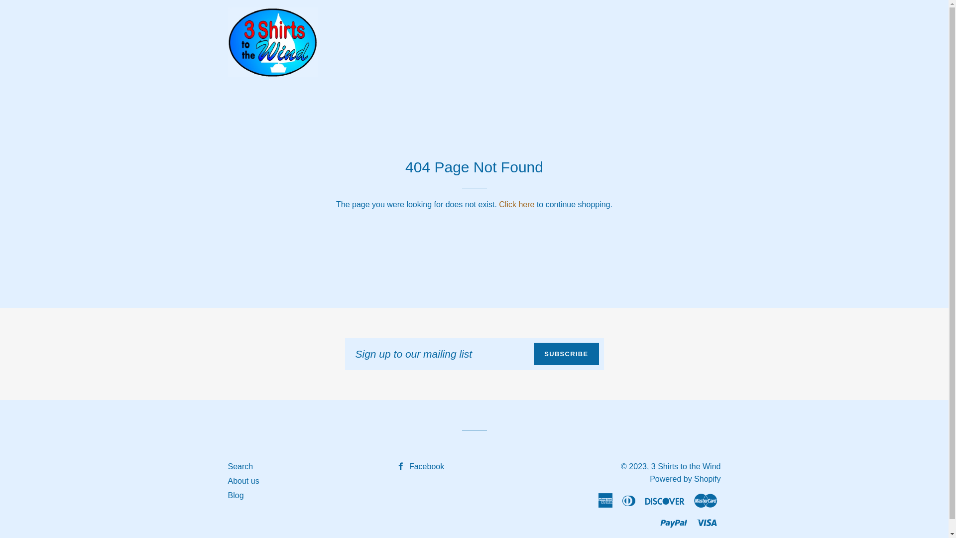  I want to click on 'Blog', so click(236, 495).